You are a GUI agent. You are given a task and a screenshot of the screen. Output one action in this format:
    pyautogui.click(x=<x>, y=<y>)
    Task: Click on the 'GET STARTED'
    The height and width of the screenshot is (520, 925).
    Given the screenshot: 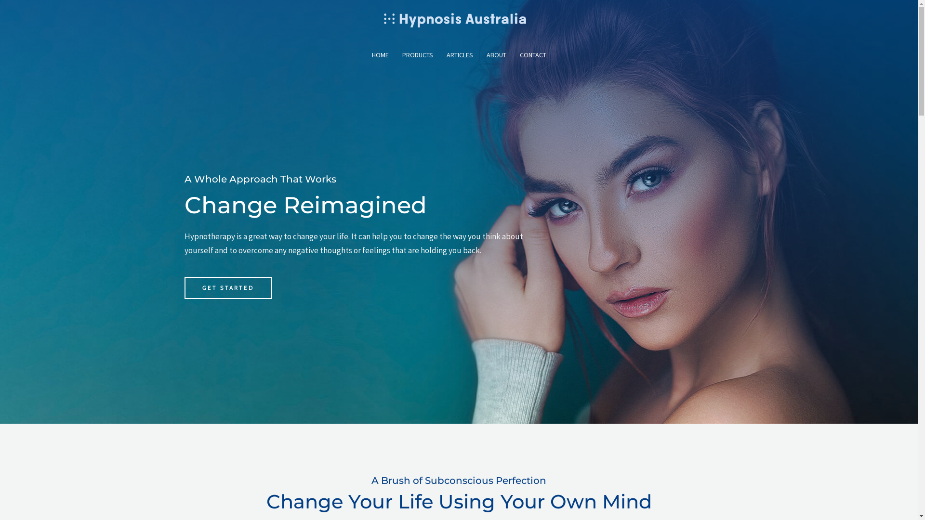 What is the action you would take?
    pyautogui.click(x=227, y=287)
    